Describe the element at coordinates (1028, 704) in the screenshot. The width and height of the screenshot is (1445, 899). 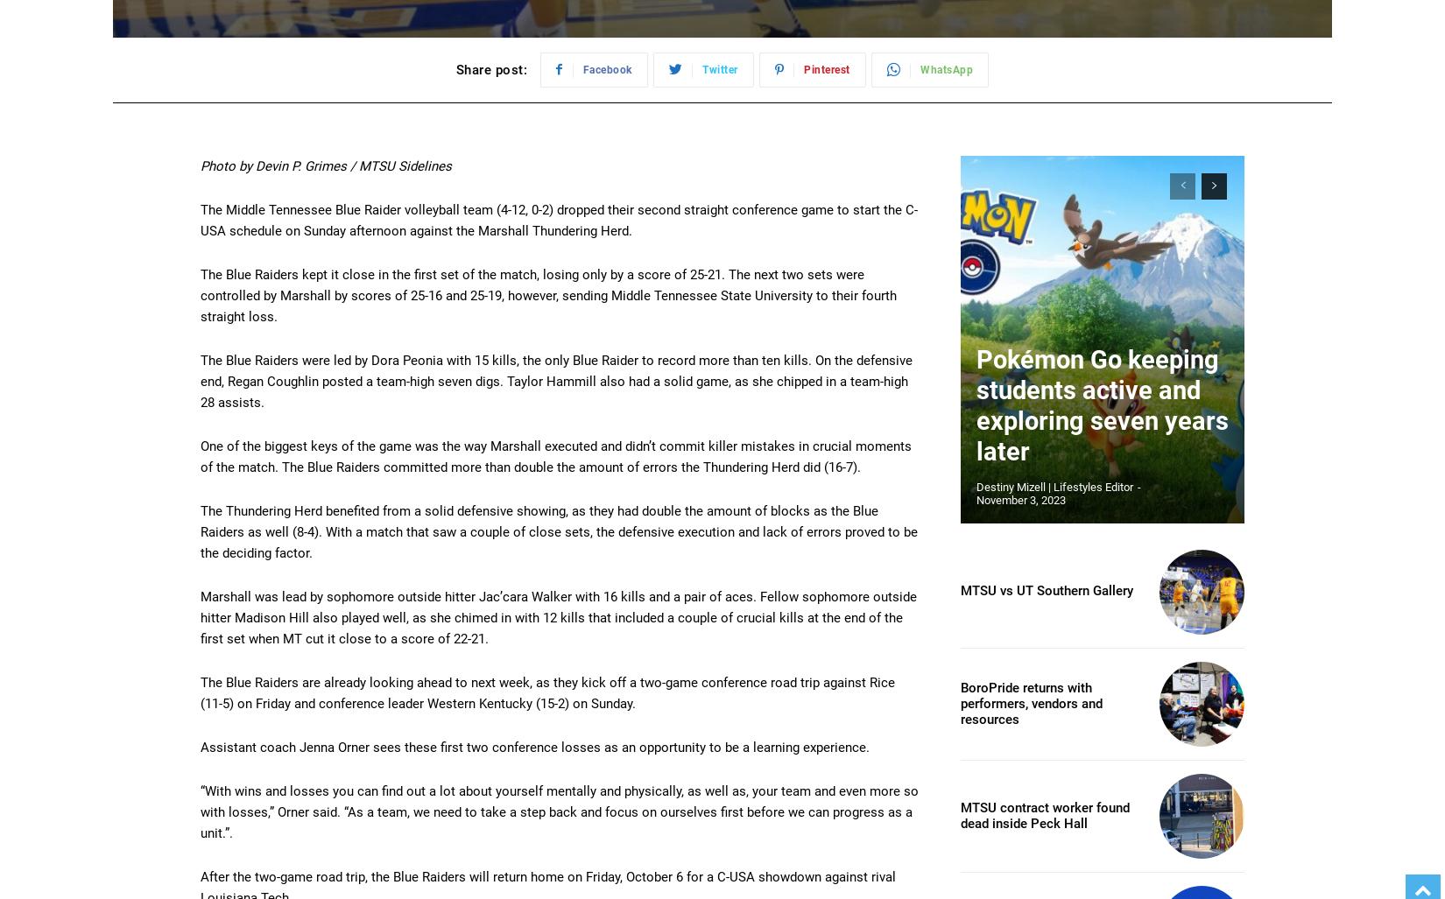
I see `'BoroPride returns with performers, vendors and resources'` at that location.